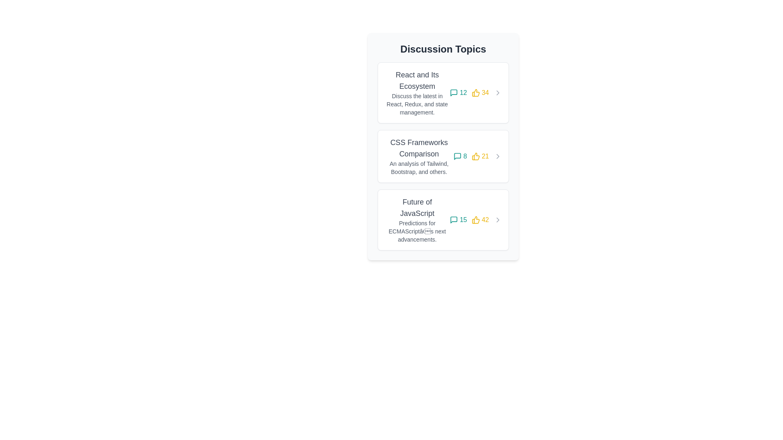 This screenshot has width=783, height=440. What do you see at coordinates (485, 156) in the screenshot?
I see `text component displaying '21' in yellow, located next to the thumbs-up icon in the 'CSS Frameworks Comparison' card` at bounding box center [485, 156].